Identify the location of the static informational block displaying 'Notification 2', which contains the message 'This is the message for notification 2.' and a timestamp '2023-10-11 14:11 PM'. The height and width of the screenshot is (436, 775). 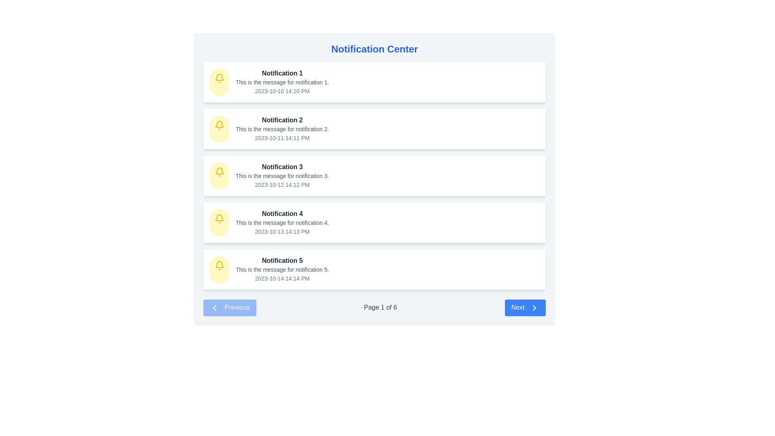
(282, 129).